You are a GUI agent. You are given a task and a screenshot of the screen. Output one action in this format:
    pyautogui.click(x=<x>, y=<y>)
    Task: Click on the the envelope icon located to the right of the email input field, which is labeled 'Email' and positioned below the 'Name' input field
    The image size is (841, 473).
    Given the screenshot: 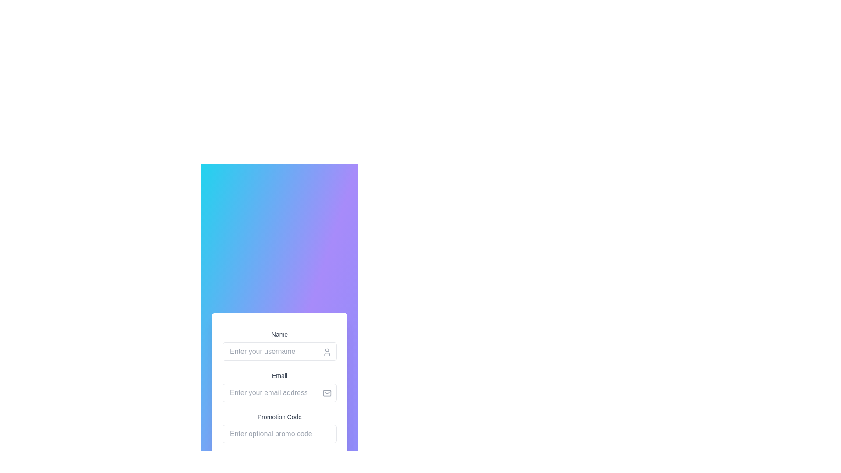 What is the action you would take?
    pyautogui.click(x=279, y=386)
    